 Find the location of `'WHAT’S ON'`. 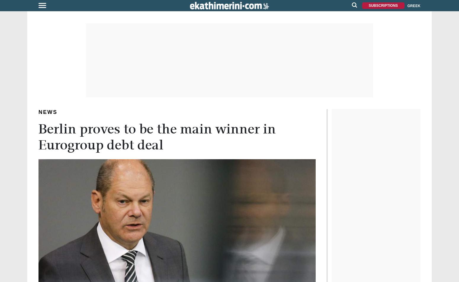

'WHAT’S ON' is located at coordinates (15, 93).